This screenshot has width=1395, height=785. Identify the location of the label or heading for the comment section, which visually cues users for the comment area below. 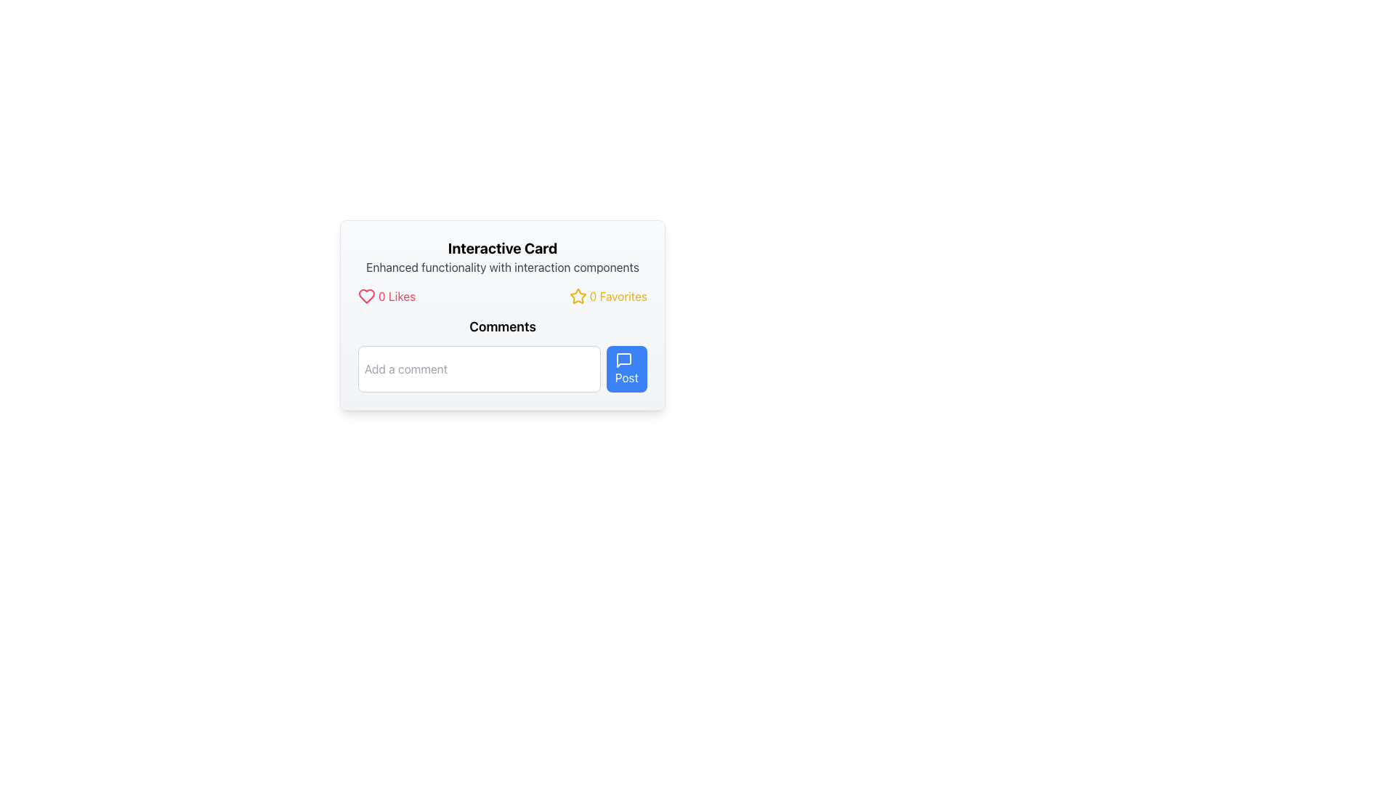
(502, 327).